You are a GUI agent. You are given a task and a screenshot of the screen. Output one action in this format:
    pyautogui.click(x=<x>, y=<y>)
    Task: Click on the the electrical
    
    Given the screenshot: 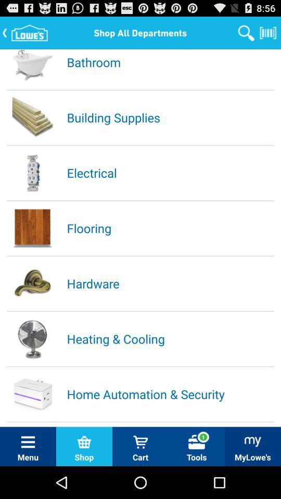 What is the action you would take?
    pyautogui.click(x=170, y=173)
    